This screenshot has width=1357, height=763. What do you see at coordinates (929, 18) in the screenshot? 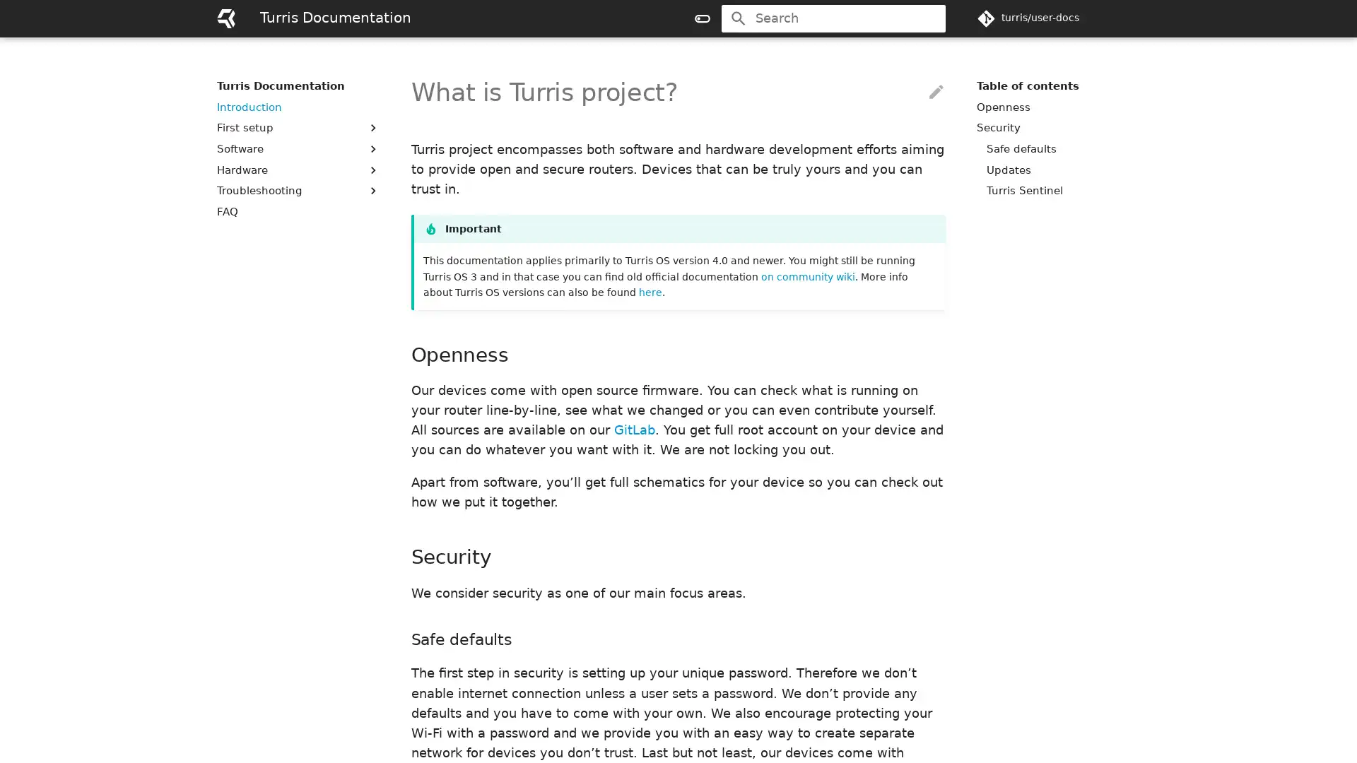
I see `Clear` at bounding box center [929, 18].